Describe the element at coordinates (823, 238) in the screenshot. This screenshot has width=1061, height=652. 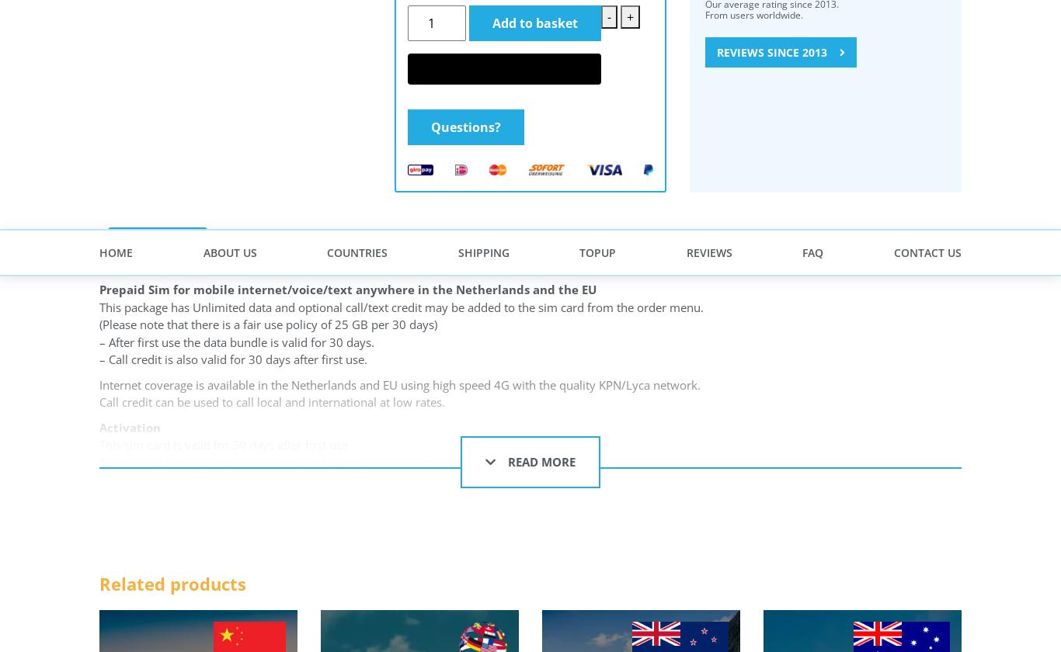
I see `'Prepaidzero founded in 2013, is a concept of IAS BV which is based in Amsterdam, the Netherlands. Since 2013, we help travelers around the world save money on phone and internet charges.'` at that location.